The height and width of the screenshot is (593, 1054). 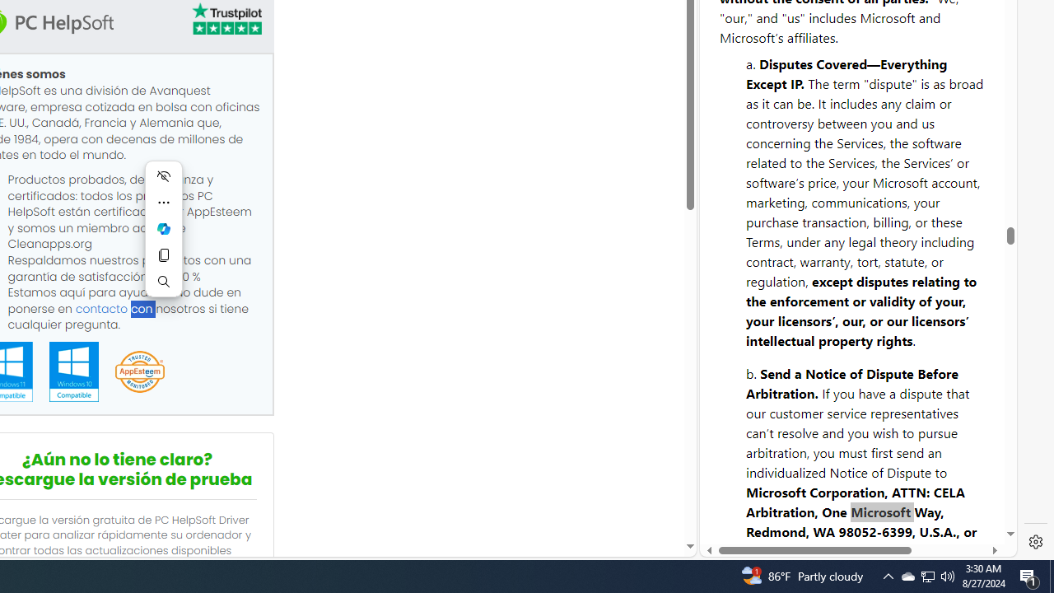 I want to click on 'Mini menu on text selection', so click(x=164, y=228).